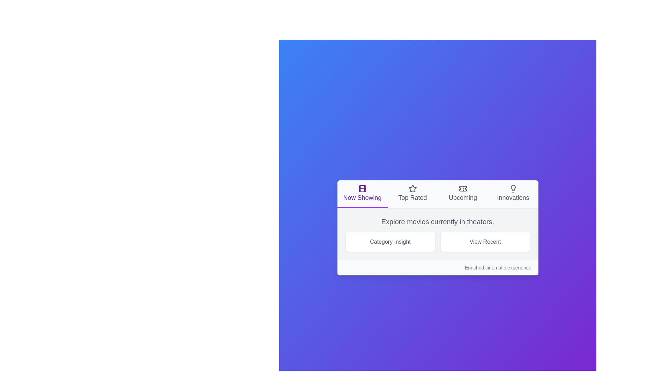 The image size is (670, 376). I want to click on the fourth icon in the top menu bar, so click(513, 188).